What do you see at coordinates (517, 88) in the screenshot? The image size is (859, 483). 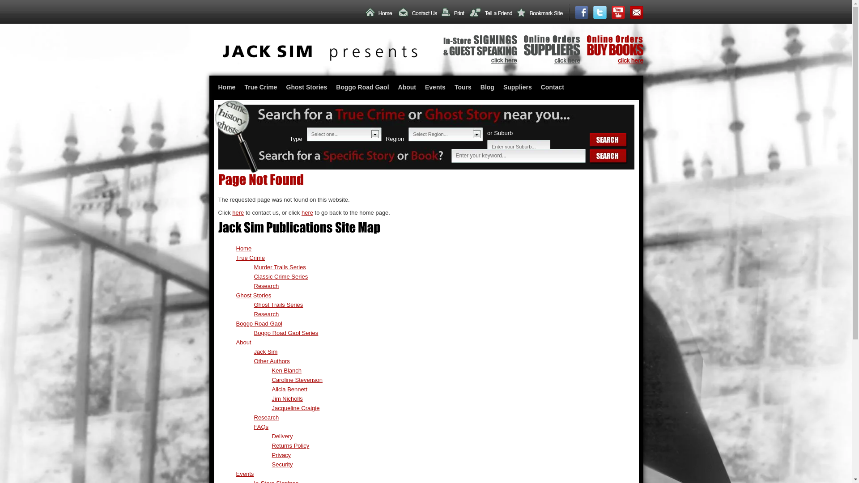 I see `'Suppliers'` at bounding box center [517, 88].